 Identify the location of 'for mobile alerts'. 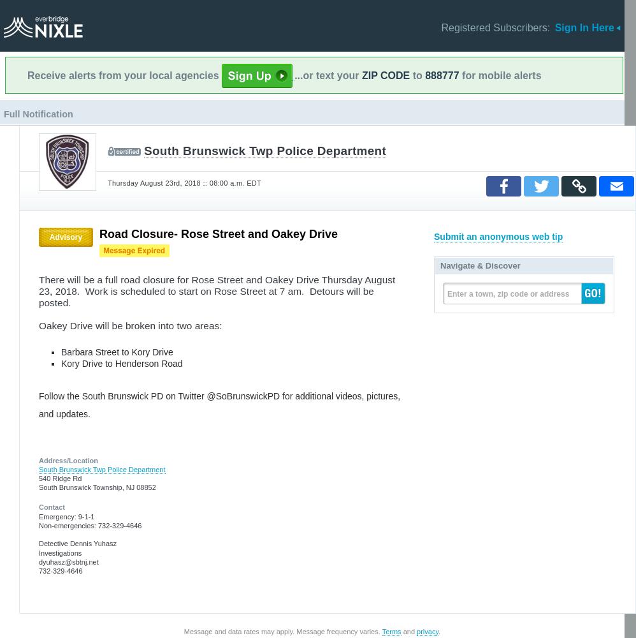
(499, 74).